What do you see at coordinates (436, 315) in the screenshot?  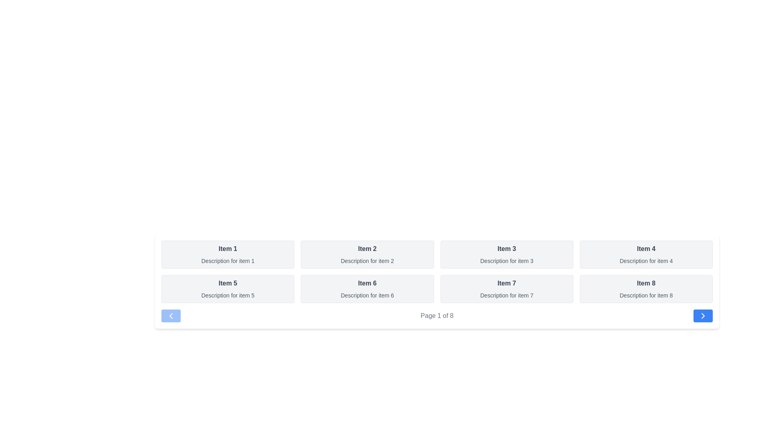 I see `the static text label displaying 'Page 1 of 8' located at the center of the pagination bar at the bottom of the interface` at bounding box center [436, 315].